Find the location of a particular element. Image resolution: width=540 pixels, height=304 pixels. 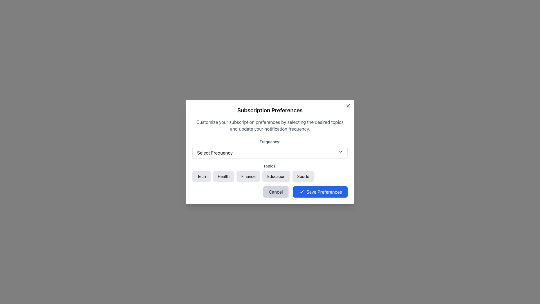

the 'Education' button located beneath the label 'Topics:' and above the 'Cancel' and 'Save Preferences' buttons is located at coordinates (270, 172).